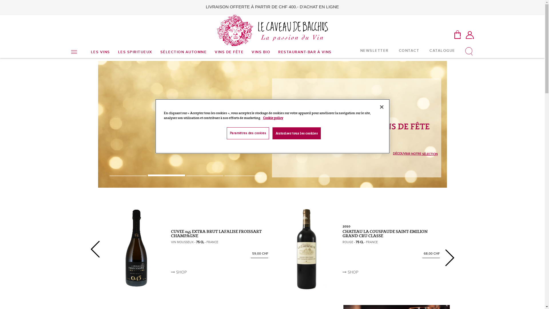 The image size is (549, 309). I want to click on 'Mon compte', so click(470, 34).